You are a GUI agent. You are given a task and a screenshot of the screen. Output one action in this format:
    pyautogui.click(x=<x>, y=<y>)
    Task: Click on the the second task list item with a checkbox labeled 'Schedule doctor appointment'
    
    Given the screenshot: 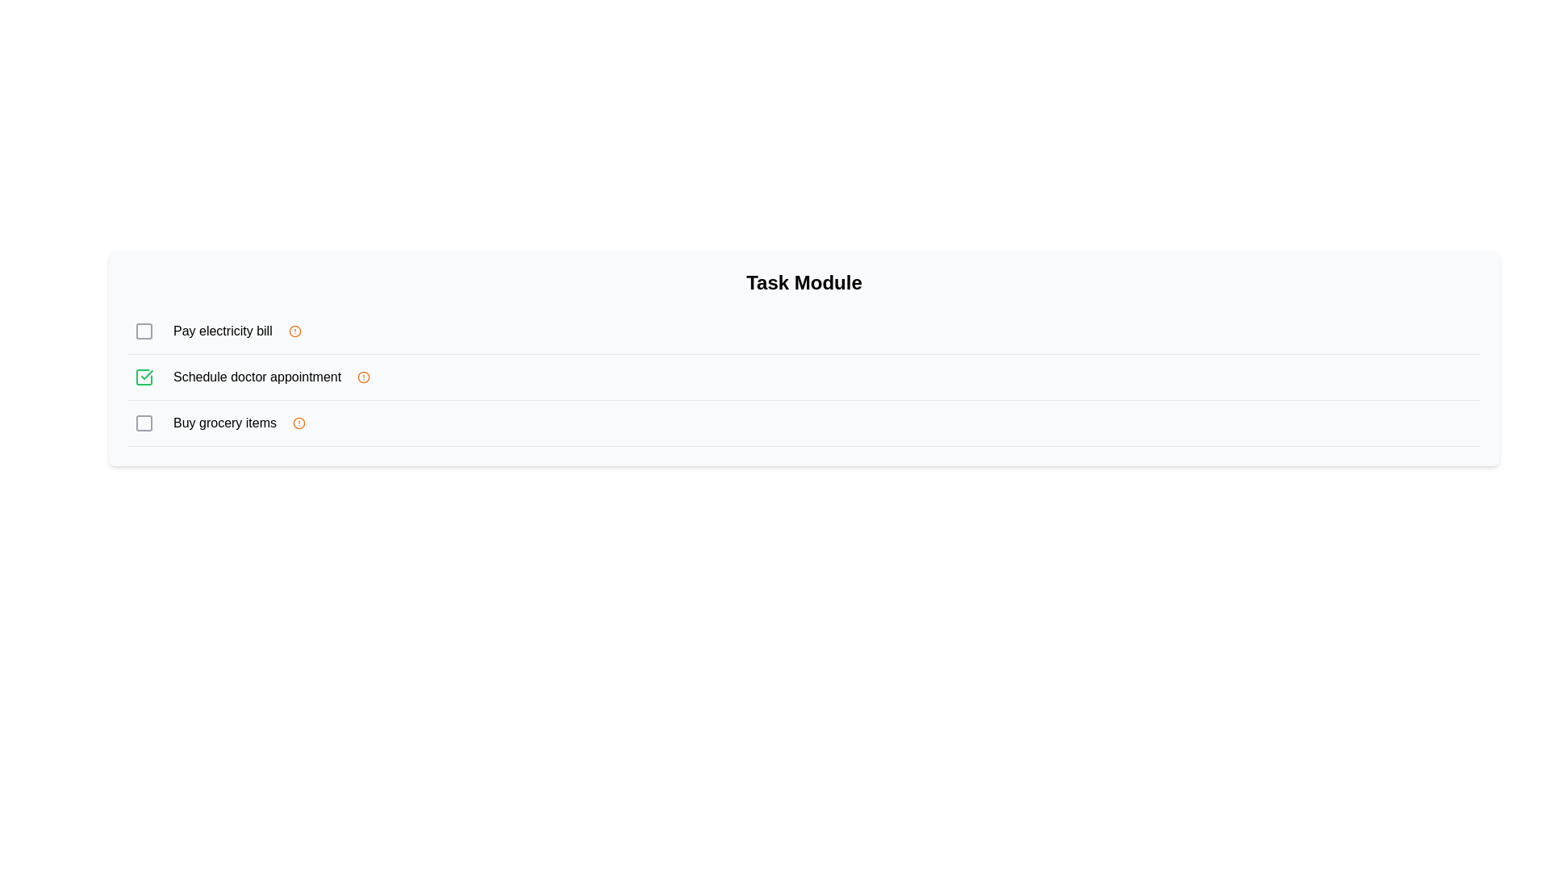 What is the action you would take?
    pyautogui.click(x=804, y=377)
    